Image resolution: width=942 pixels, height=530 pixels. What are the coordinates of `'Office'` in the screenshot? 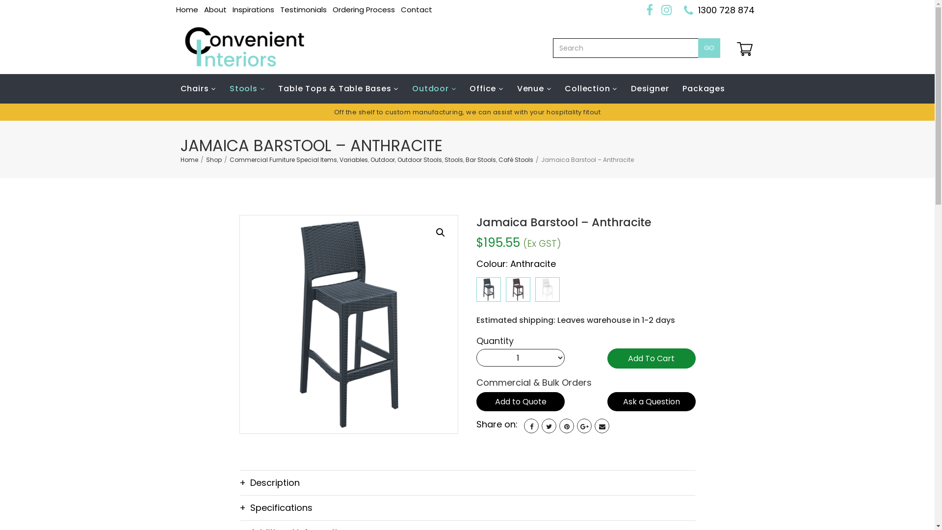 It's located at (486, 89).